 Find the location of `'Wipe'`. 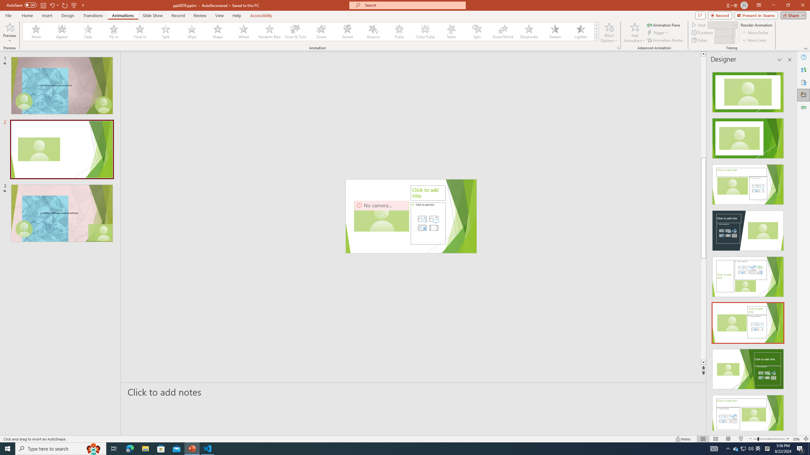

'Wipe' is located at coordinates (192, 31).